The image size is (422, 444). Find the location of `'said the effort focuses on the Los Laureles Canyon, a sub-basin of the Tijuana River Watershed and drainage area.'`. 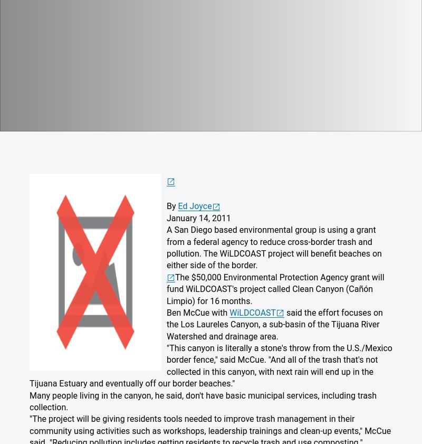

'said the effort focuses on the Los Laureles Canyon, a sub-basin of the Tijuana River Watershed and drainage area.' is located at coordinates (166, 324).